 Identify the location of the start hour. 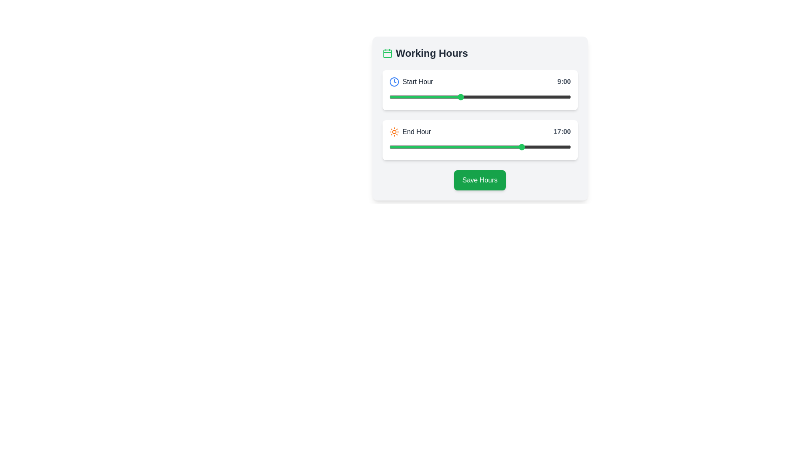
(484, 97).